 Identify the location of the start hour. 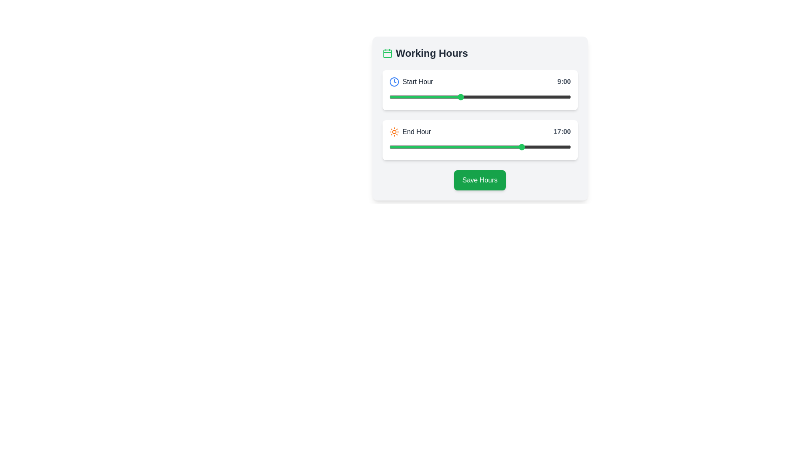
(484, 97).